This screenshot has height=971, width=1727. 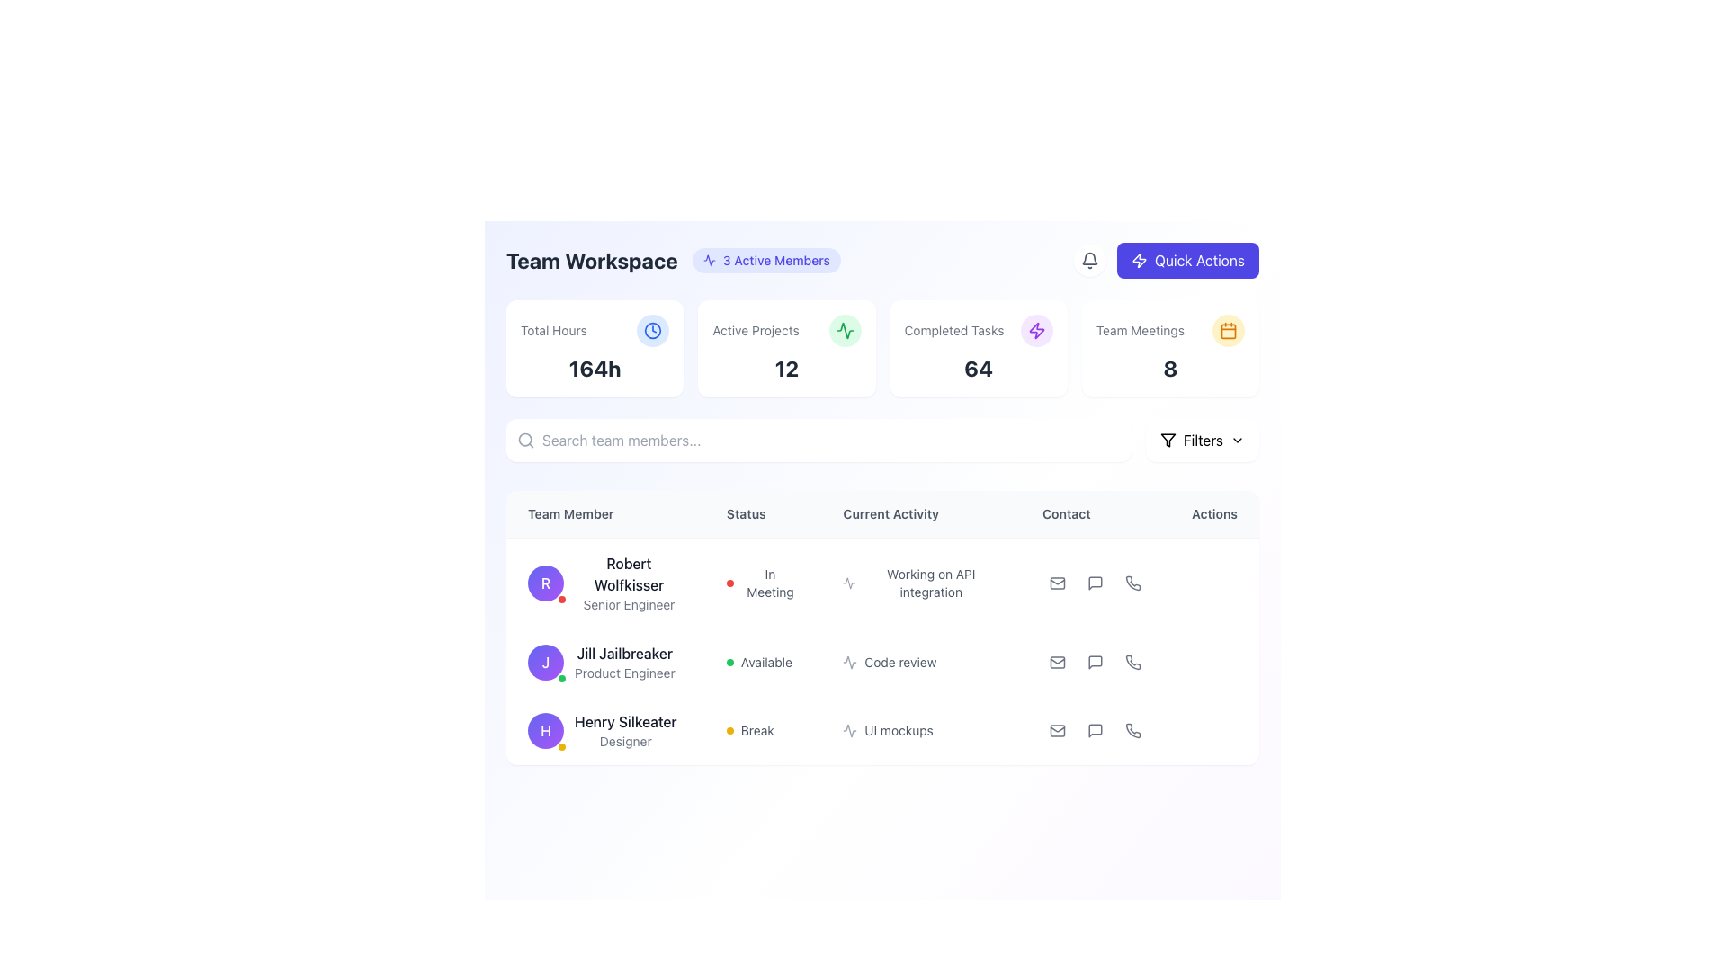 What do you see at coordinates (1228, 330) in the screenshot?
I see `the rectangular base of the calendar icon located at the top-right corner of the interface, adjacent to the 'Team Meetings' card` at bounding box center [1228, 330].